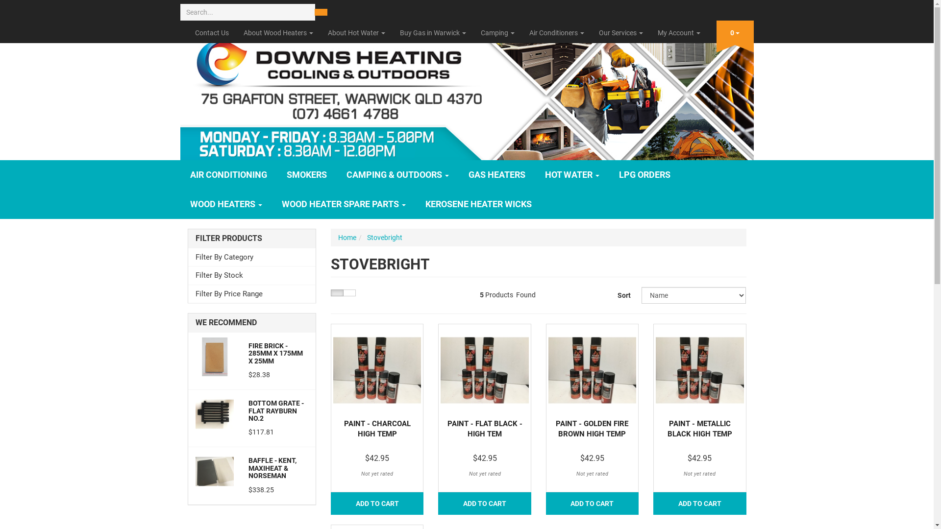 This screenshot has height=529, width=941. I want to click on 'Contact Us', so click(211, 32).